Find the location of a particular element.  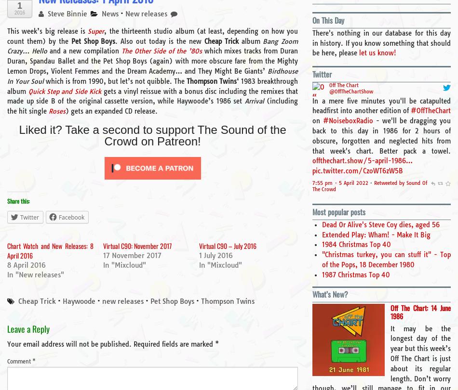

'1987 Christmas Top 40' is located at coordinates (355, 274).